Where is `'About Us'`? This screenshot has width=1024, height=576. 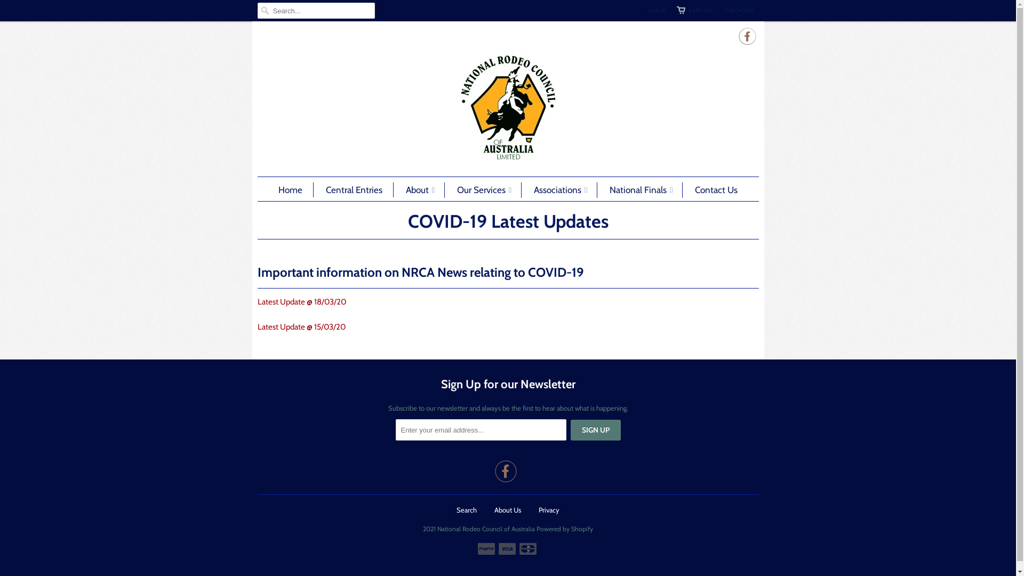 'About Us' is located at coordinates (507, 509).